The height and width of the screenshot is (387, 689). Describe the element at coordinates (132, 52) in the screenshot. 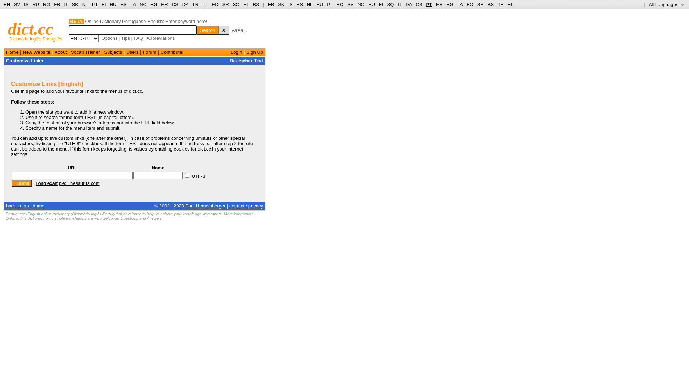

I see `'Users'` at that location.